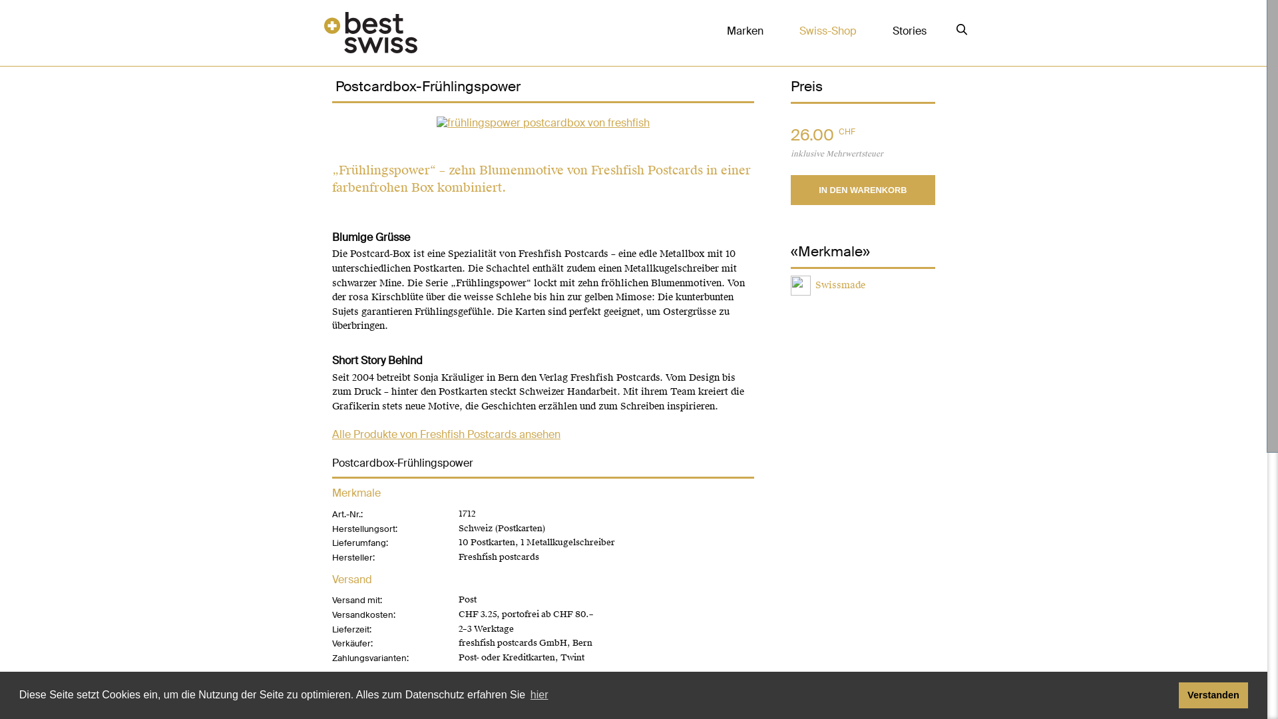  I want to click on 'hier', so click(539, 694).